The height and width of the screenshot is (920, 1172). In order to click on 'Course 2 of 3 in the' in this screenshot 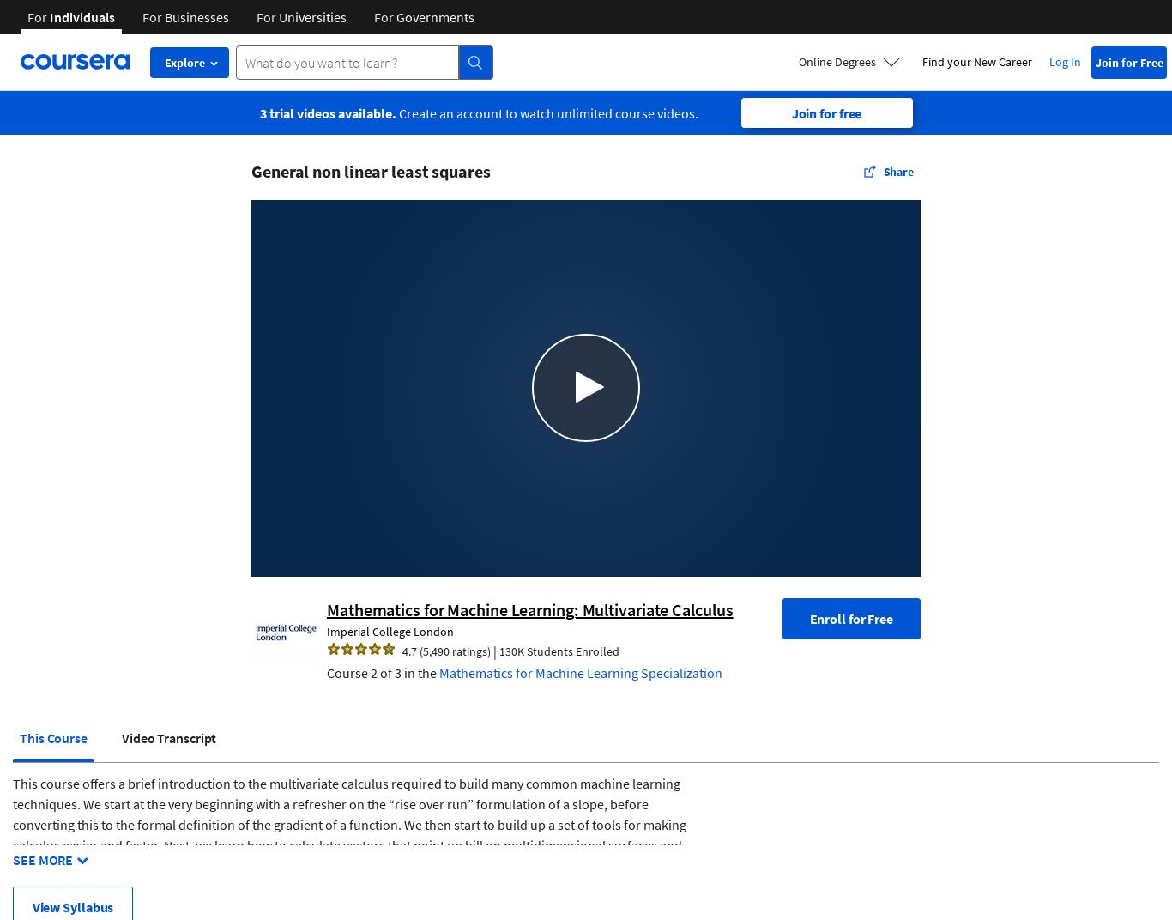, I will do `click(382, 671)`.